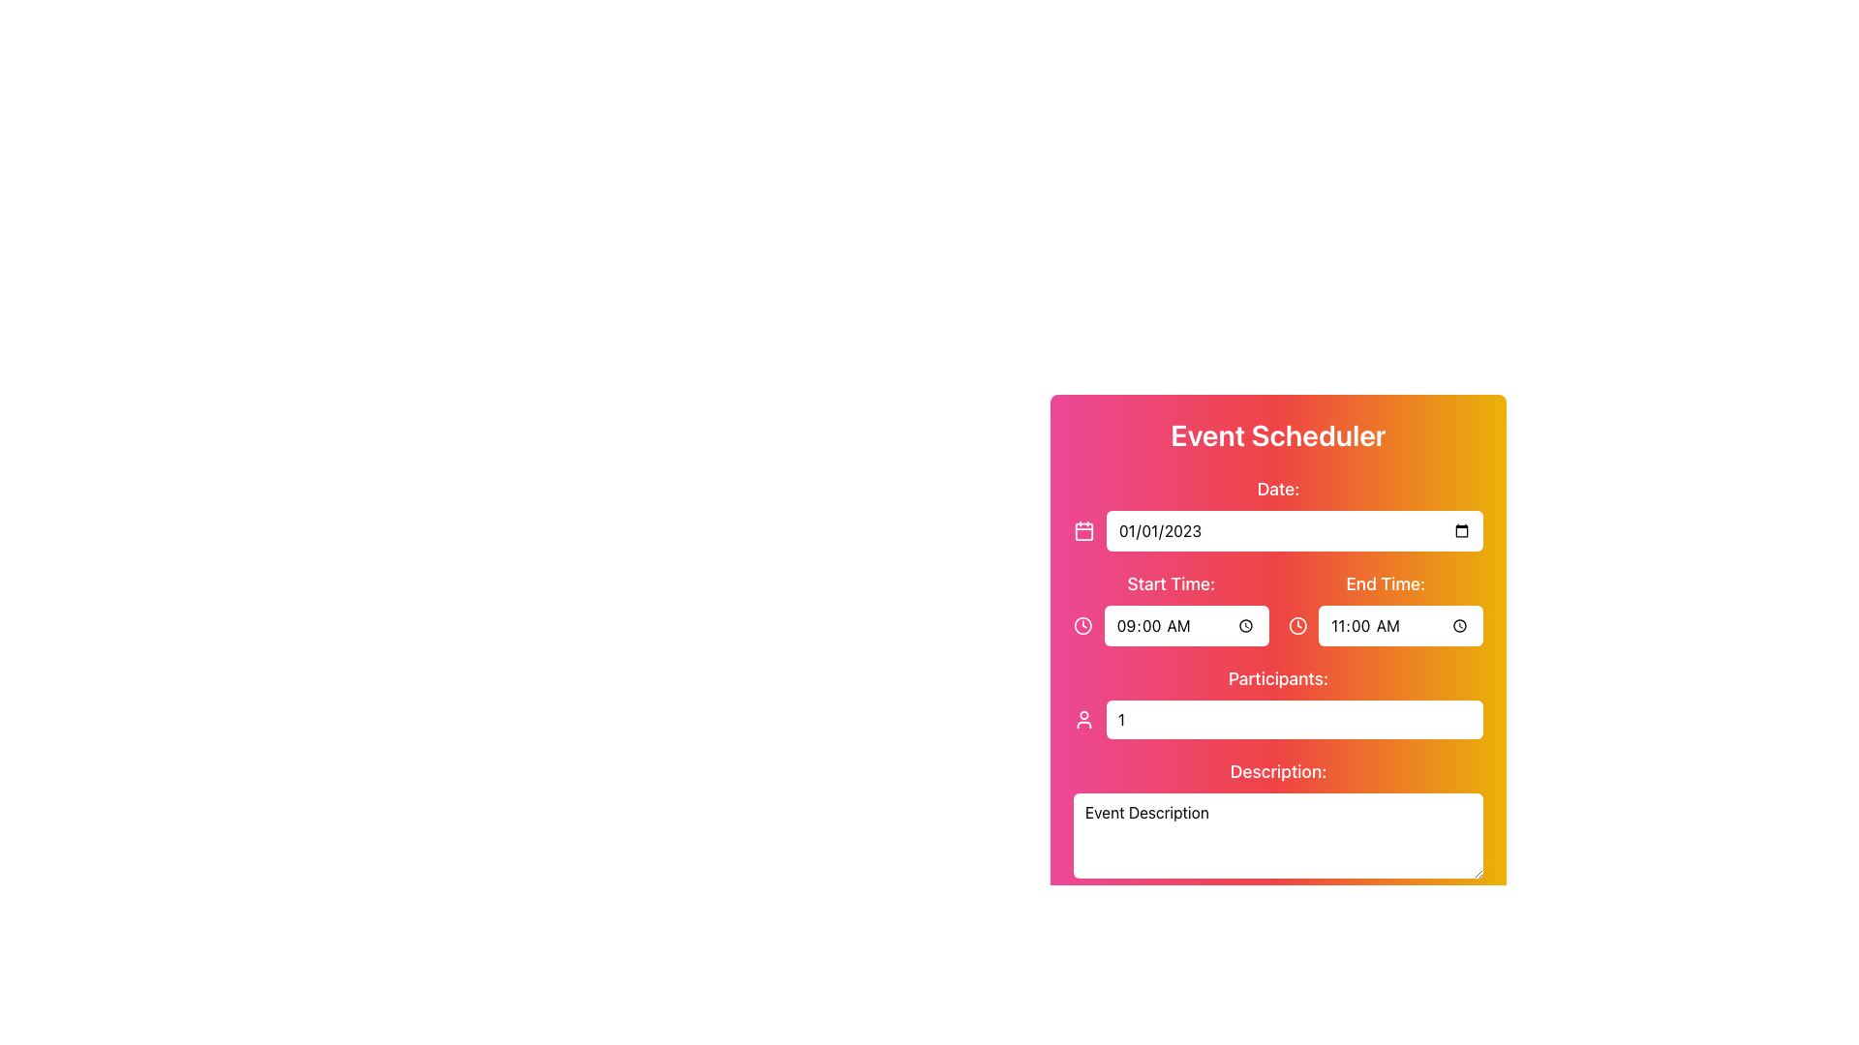  Describe the element at coordinates (1082, 530) in the screenshot. I see `the decorative pink icon representing a calendar located to the left of the 'Date:' label in the 'Event Scheduler' section` at that location.